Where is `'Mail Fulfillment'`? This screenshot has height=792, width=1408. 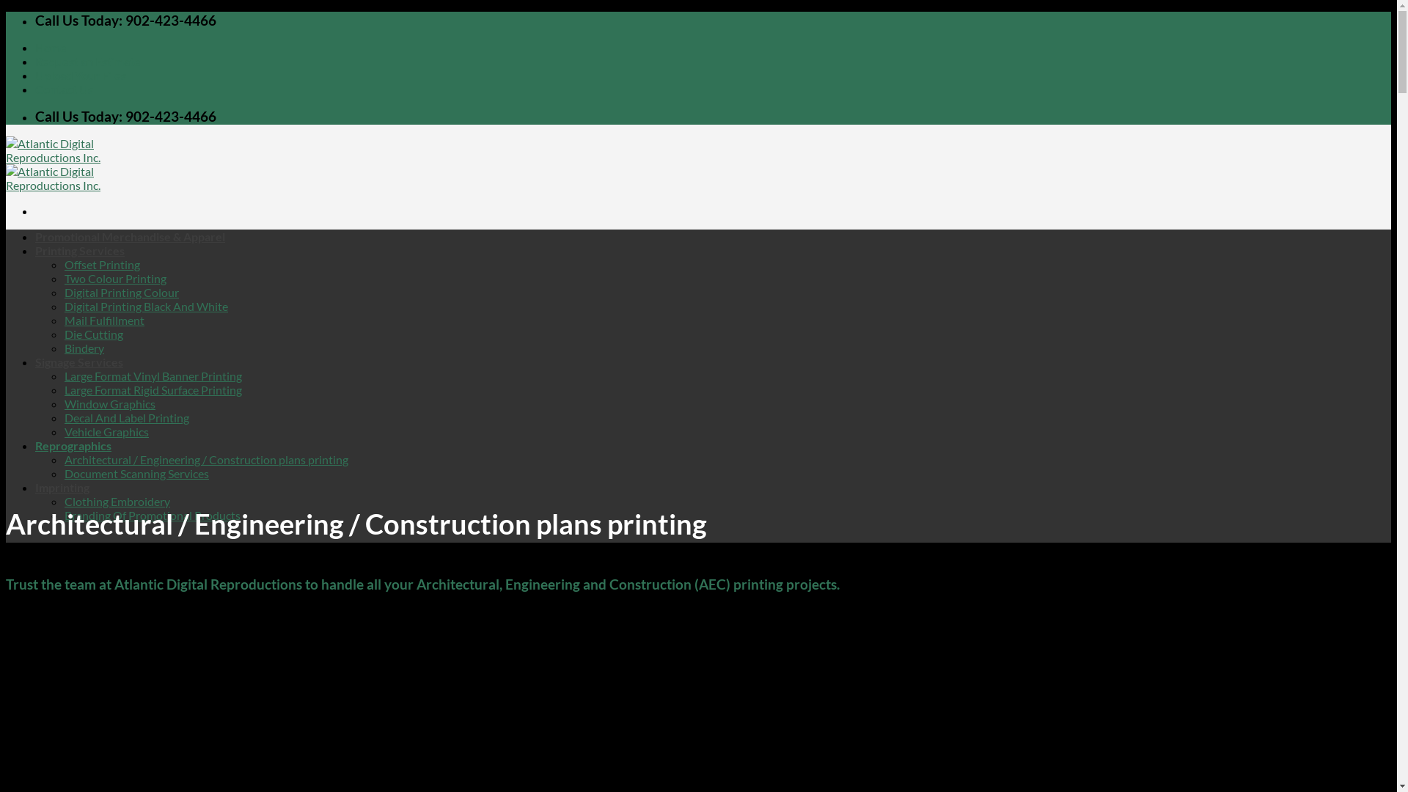 'Mail Fulfillment' is located at coordinates (103, 319).